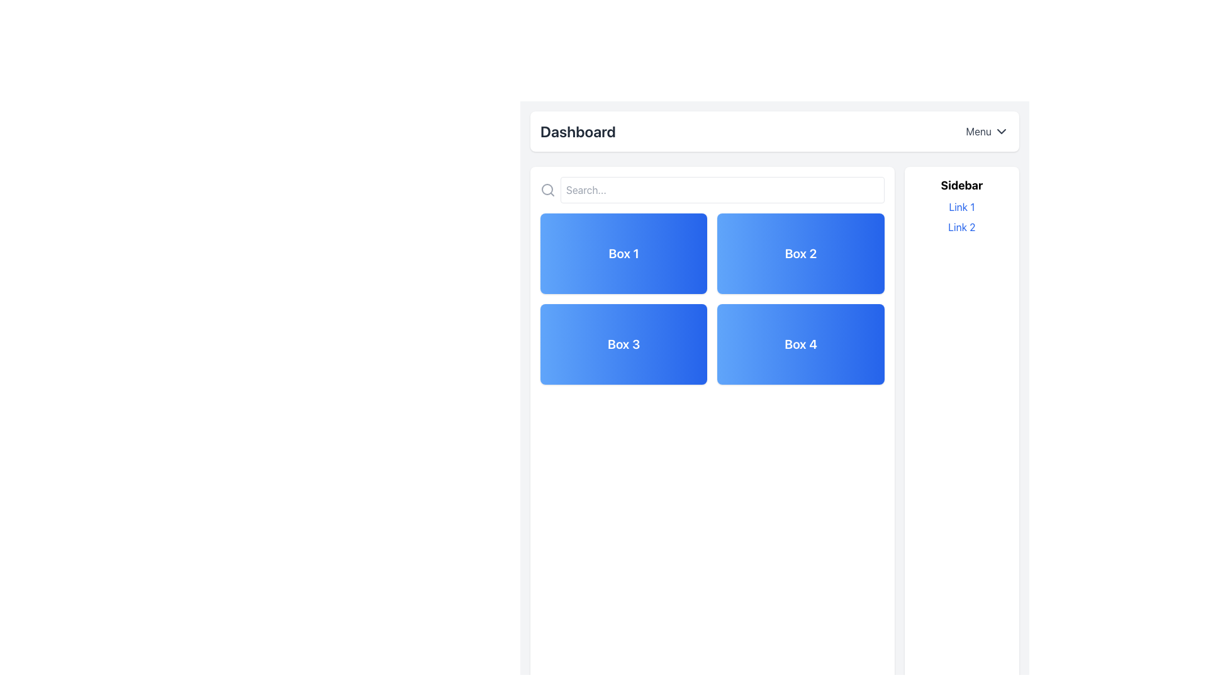 This screenshot has width=1208, height=680. Describe the element at coordinates (961, 206) in the screenshot. I see `the hyperlink labeled 'Link 1' in the 'Sidebar' section` at that location.